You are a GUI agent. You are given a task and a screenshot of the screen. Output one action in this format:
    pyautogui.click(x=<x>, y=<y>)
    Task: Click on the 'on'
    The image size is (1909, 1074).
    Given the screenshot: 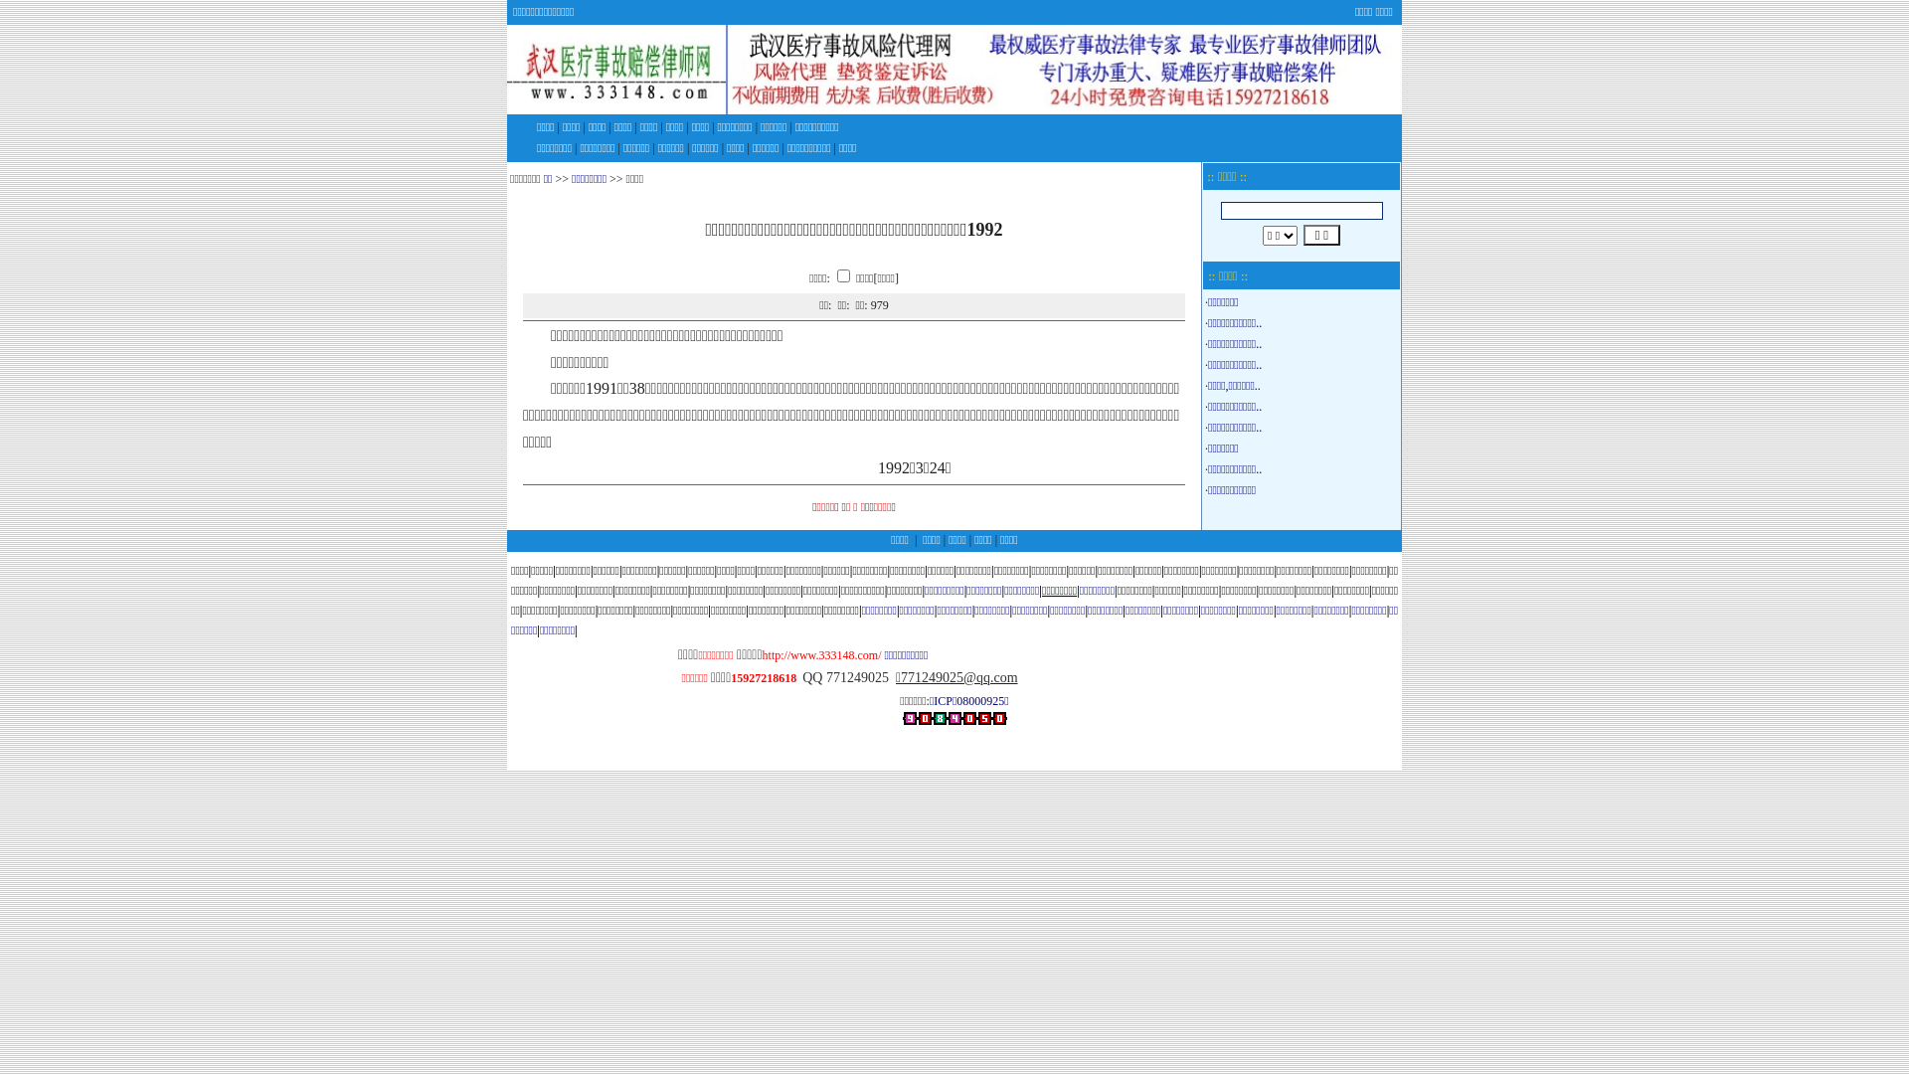 What is the action you would take?
    pyautogui.click(x=843, y=274)
    